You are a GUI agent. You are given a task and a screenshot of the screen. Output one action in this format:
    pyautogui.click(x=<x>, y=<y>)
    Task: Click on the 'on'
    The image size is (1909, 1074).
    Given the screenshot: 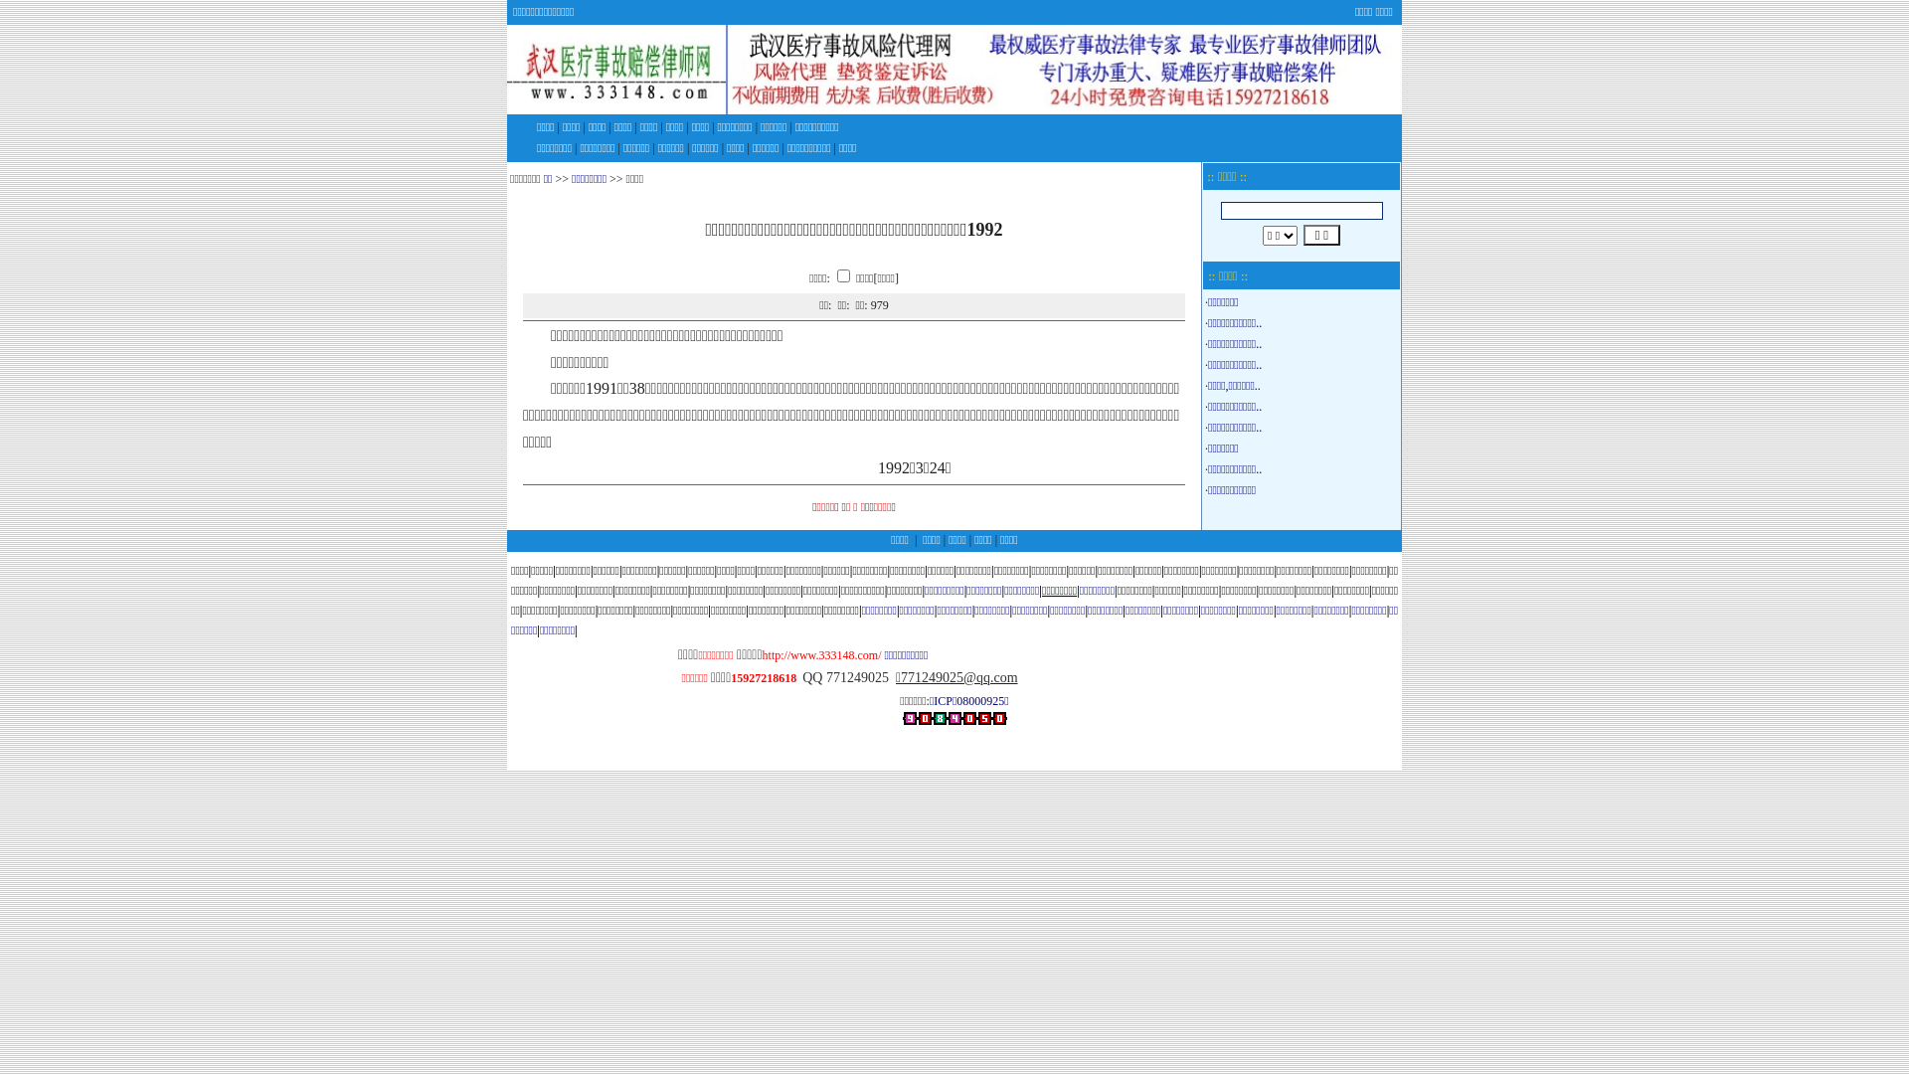 What is the action you would take?
    pyautogui.click(x=843, y=274)
    